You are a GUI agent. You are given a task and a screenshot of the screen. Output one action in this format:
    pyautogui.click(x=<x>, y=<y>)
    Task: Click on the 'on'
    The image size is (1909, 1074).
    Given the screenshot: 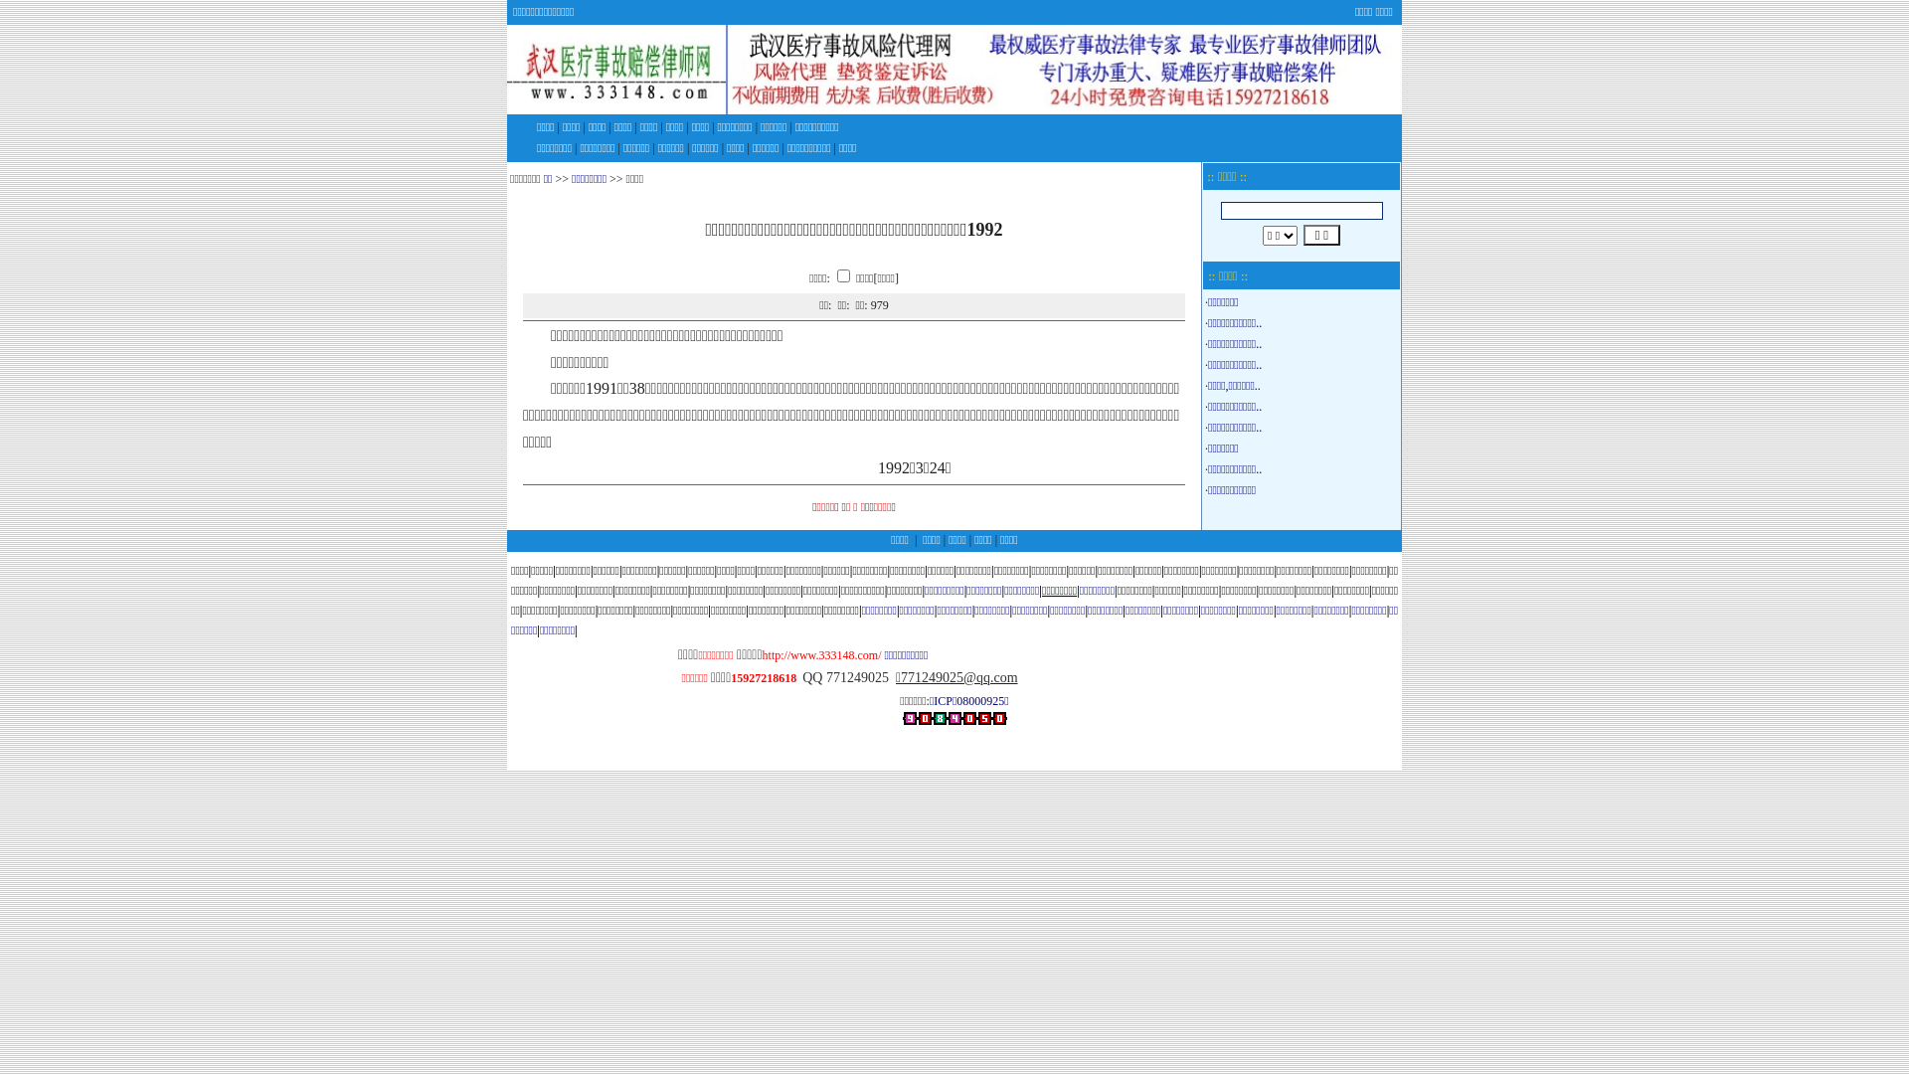 What is the action you would take?
    pyautogui.click(x=843, y=274)
    